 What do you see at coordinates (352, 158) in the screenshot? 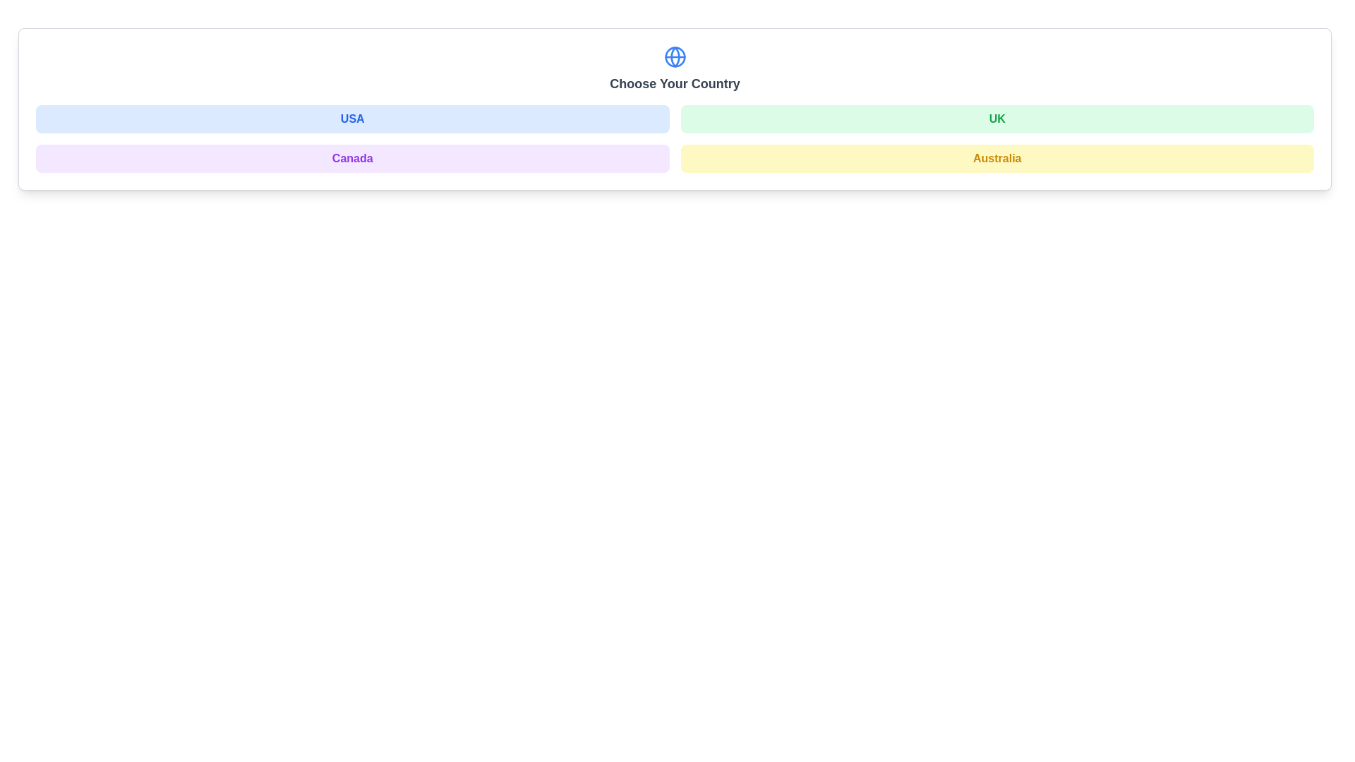
I see `the 'Canada' button, which contains the text label indicating its purpose` at bounding box center [352, 158].